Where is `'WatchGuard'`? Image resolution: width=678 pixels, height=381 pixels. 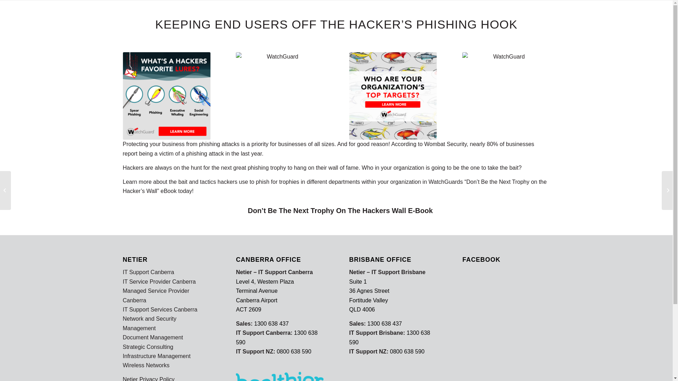
'WatchGuard' is located at coordinates (506, 96).